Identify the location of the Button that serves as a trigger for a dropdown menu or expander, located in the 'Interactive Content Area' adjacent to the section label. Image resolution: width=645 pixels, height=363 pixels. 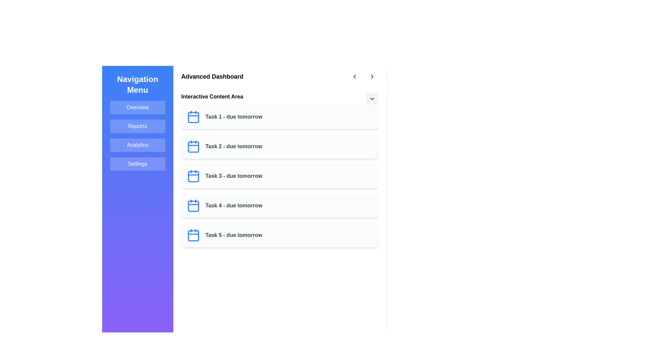
(372, 98).